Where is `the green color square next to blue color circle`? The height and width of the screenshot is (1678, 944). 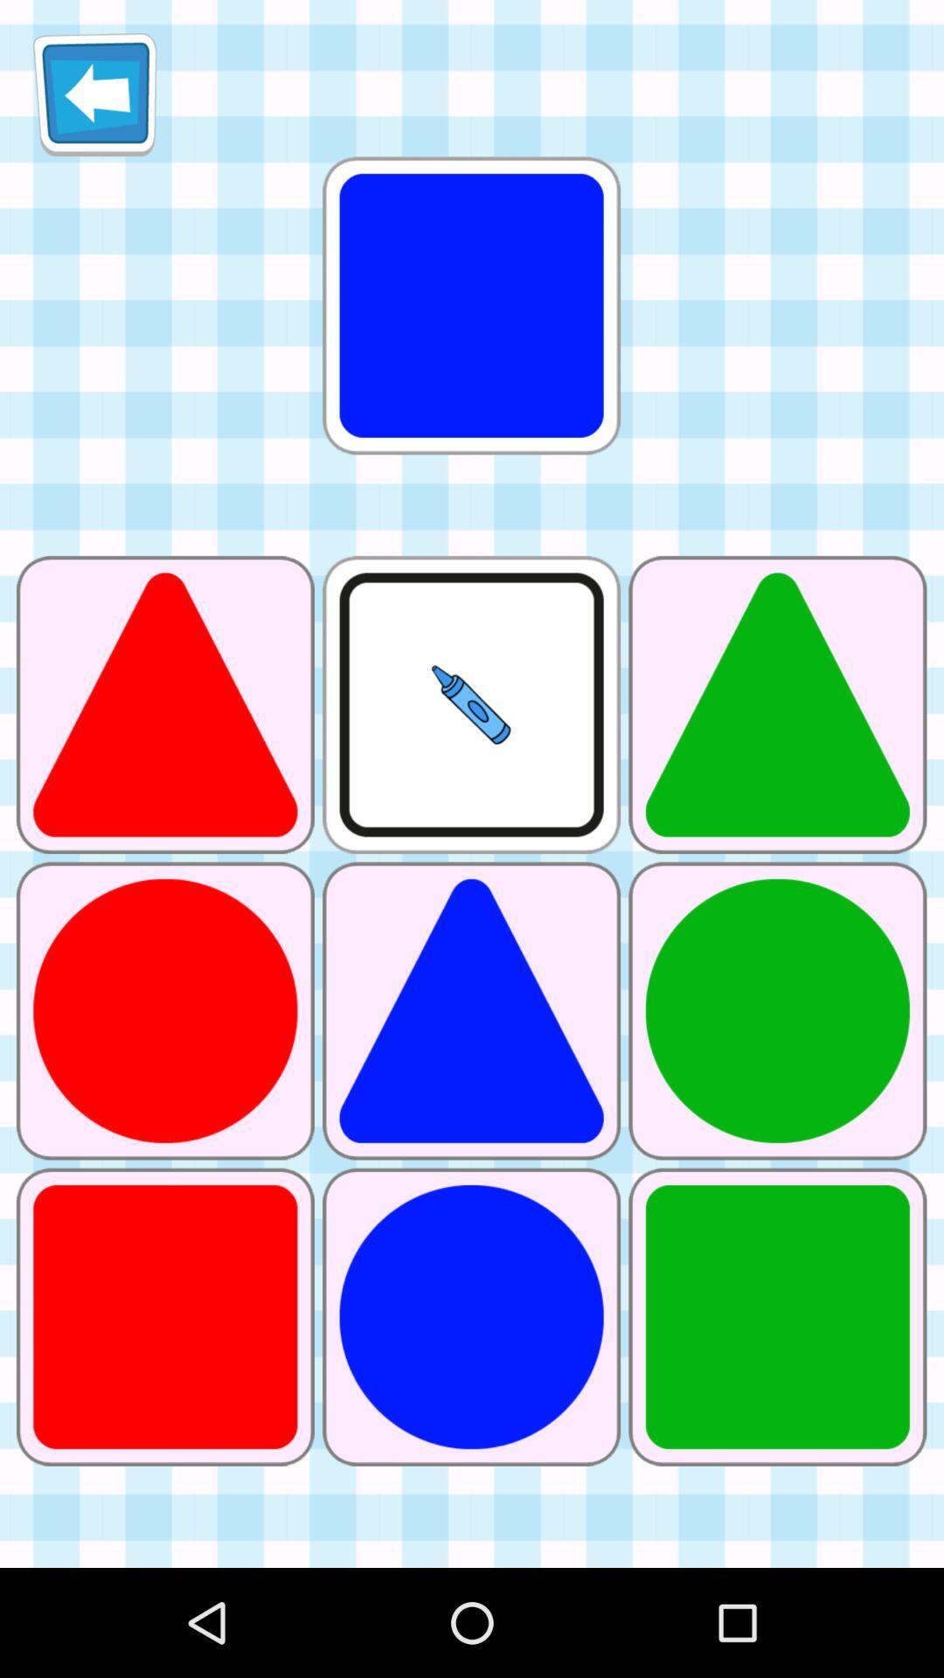 the green color square next to blue color circle is located at coordinates (777, 1317).